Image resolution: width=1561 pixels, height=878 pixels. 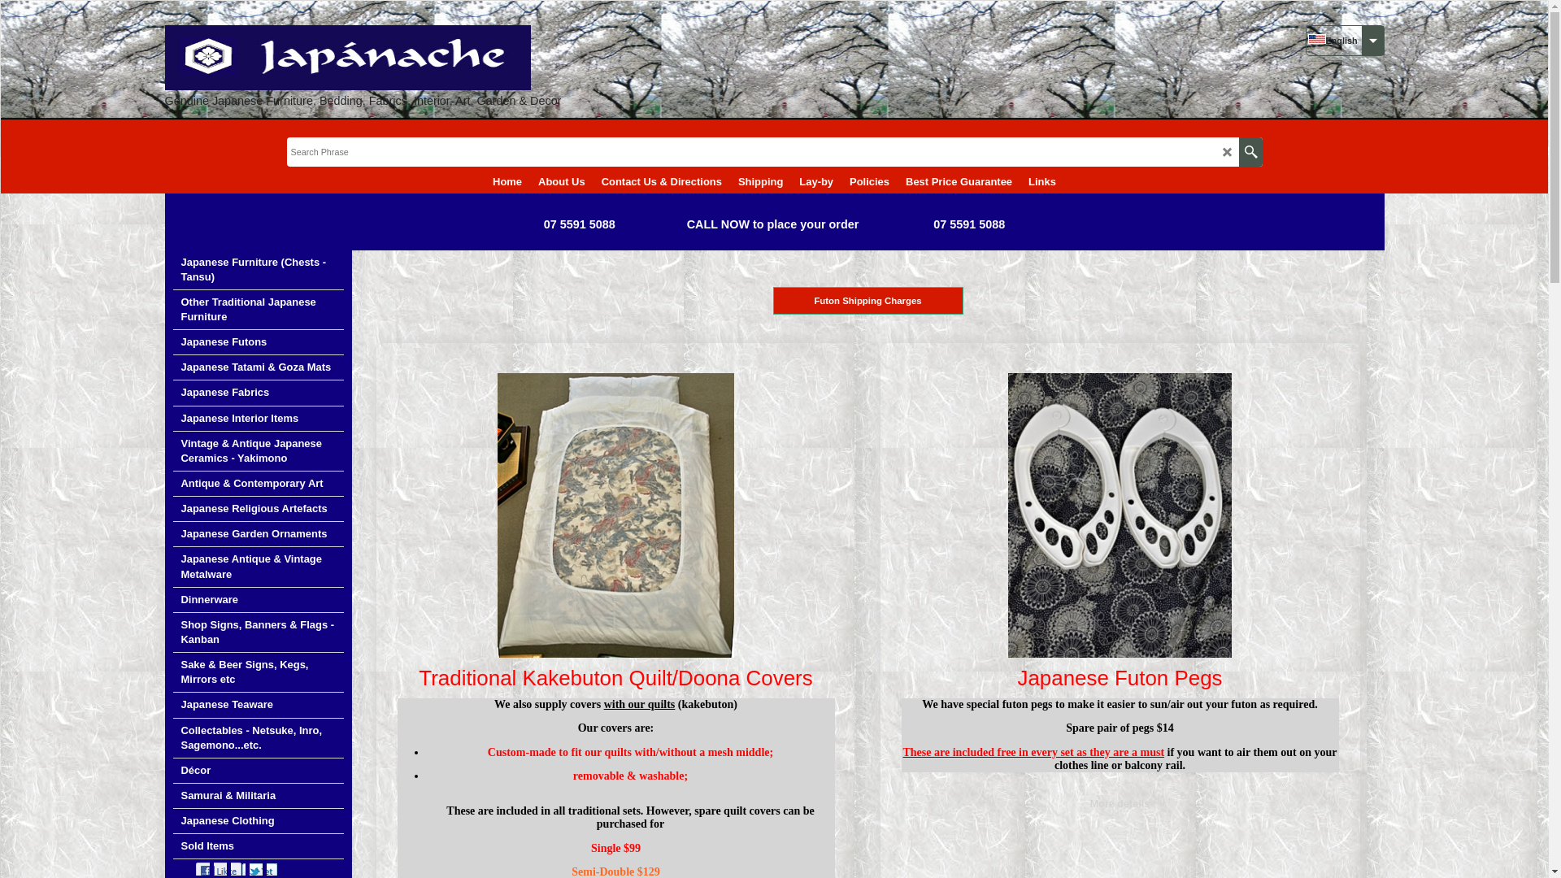 I want to click on 'Antique & Contemporary Art', so click(x=172, y=483).